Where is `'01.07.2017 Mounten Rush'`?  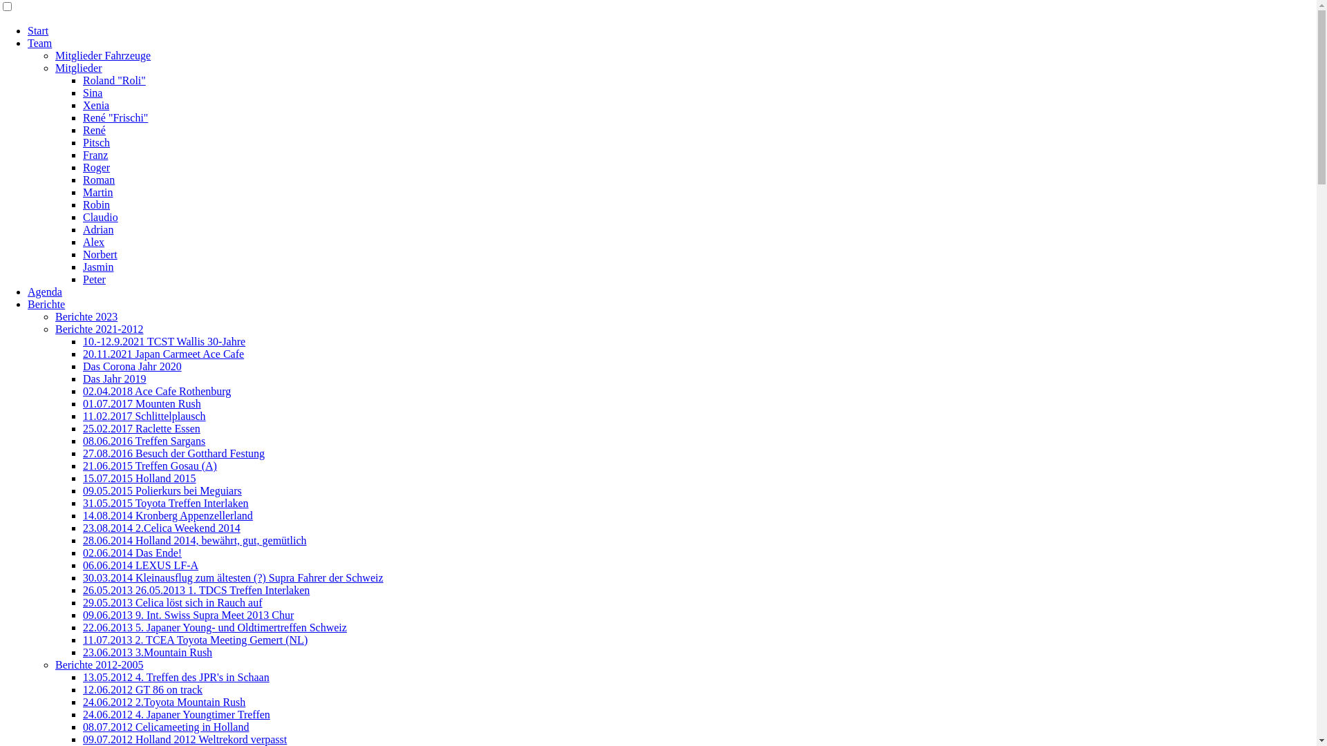
'01.07.2017 Mounten Rush' is located at coordinates (142, 403).